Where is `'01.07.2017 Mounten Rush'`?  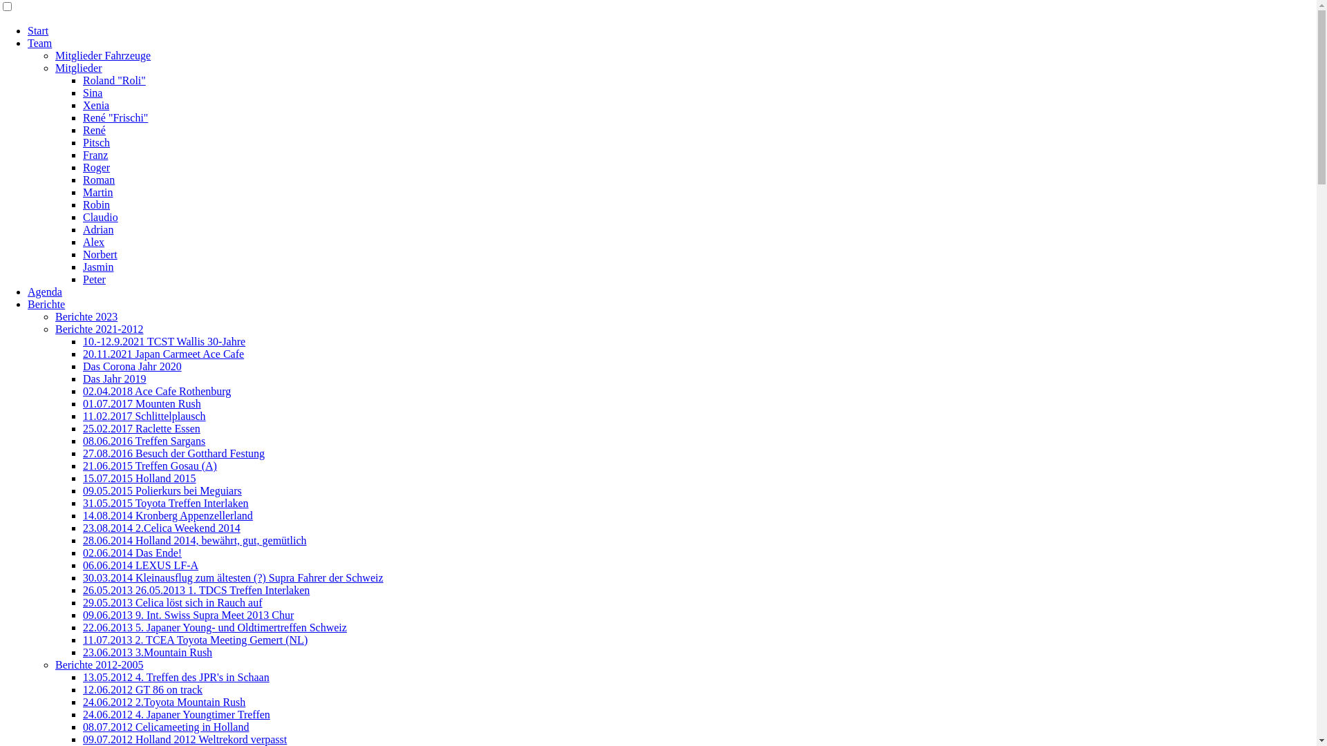
'01.07.2017 Mounten Rush' is located at coordinates (142, 403).